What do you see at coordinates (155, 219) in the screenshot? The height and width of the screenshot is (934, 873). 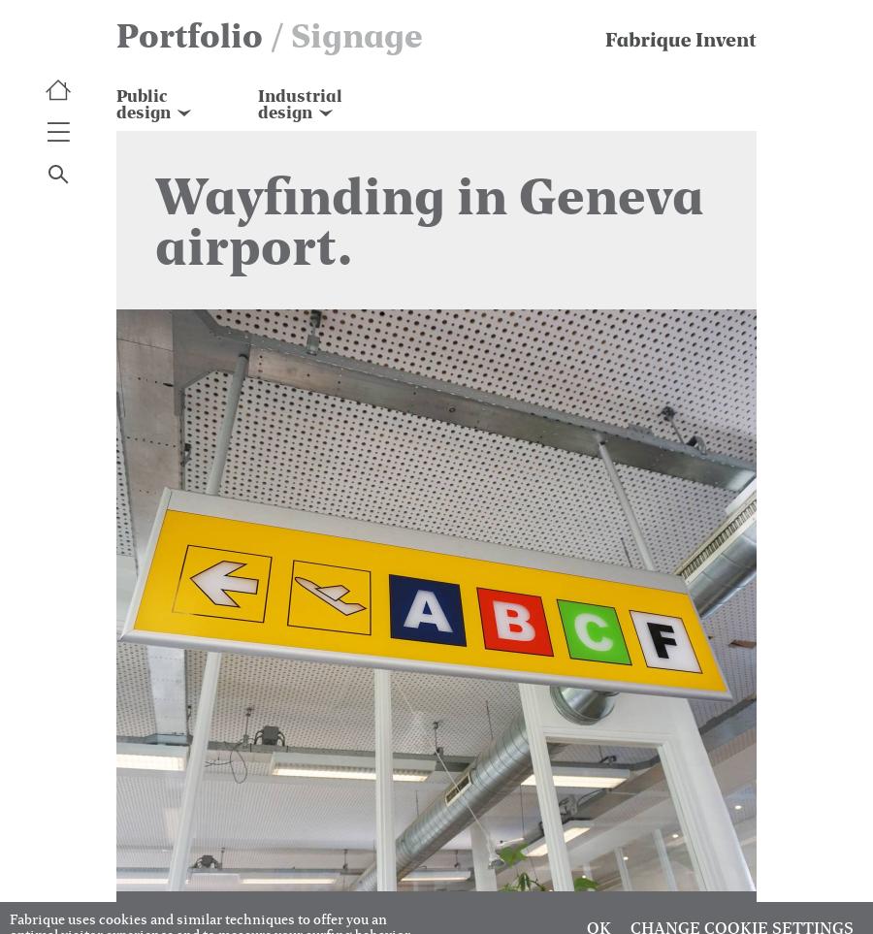 I see `'Wayfinding in Geneva airport.'` at bounding box center [155, 219].